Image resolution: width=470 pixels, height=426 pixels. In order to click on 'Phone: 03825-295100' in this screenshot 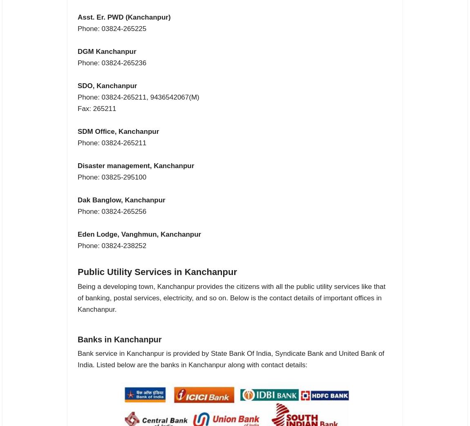, I will do `click(77, 177)`.